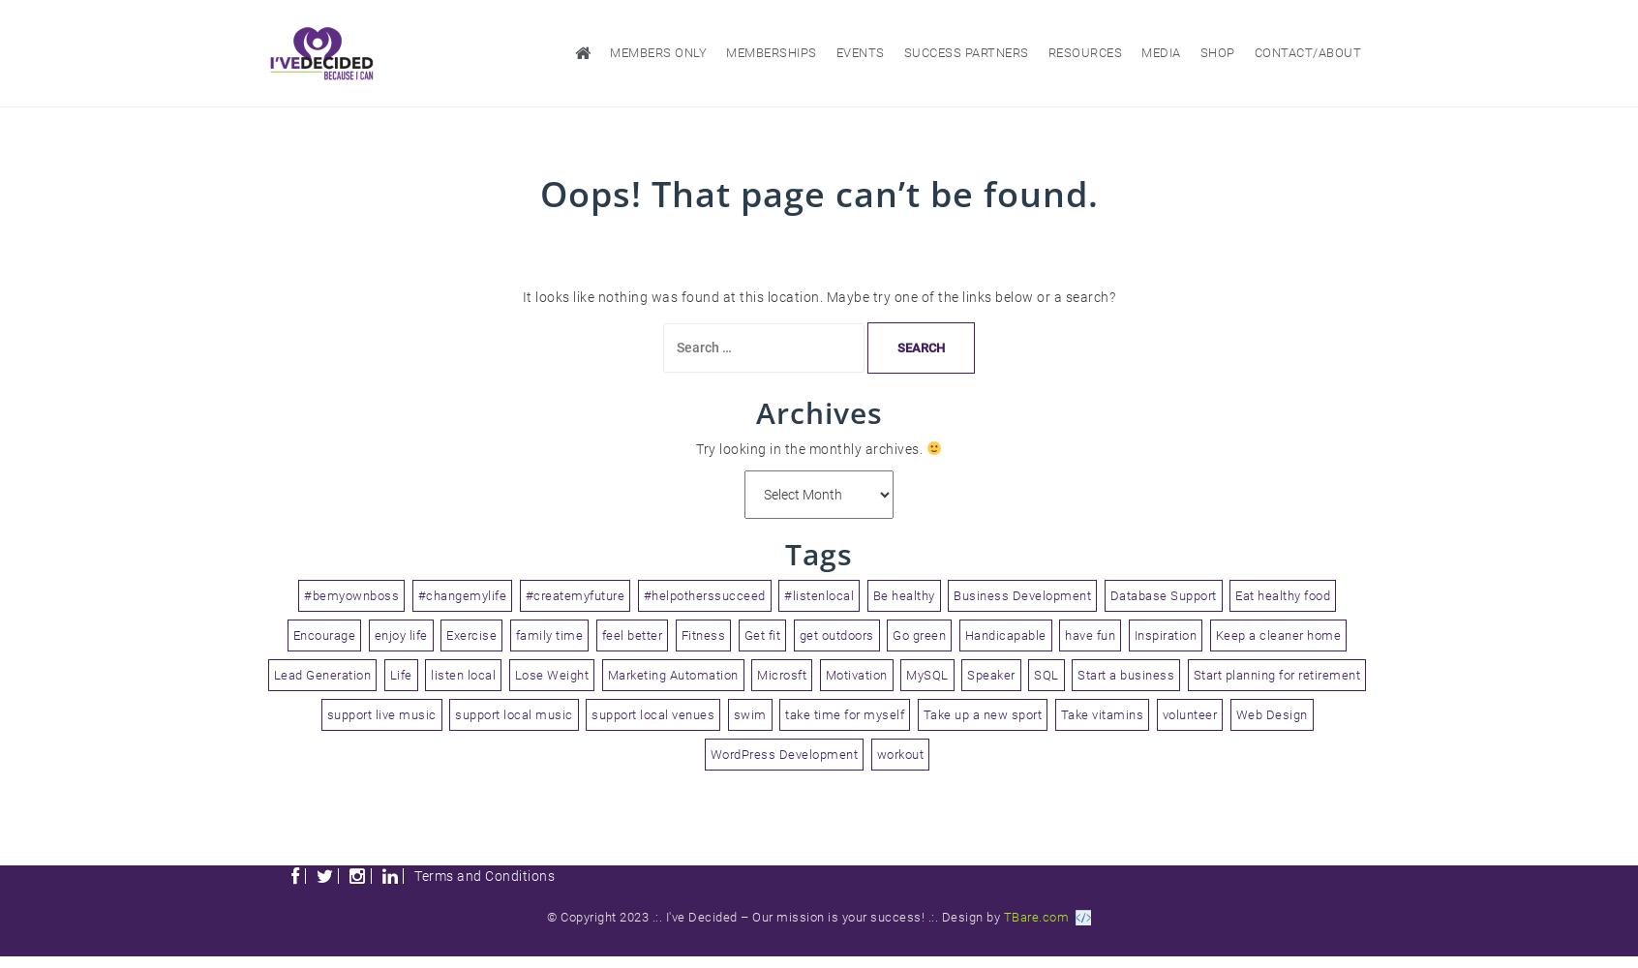  Describe the element at coordinates (514, 634) in the screenshot. I see `'family time'` at that location.